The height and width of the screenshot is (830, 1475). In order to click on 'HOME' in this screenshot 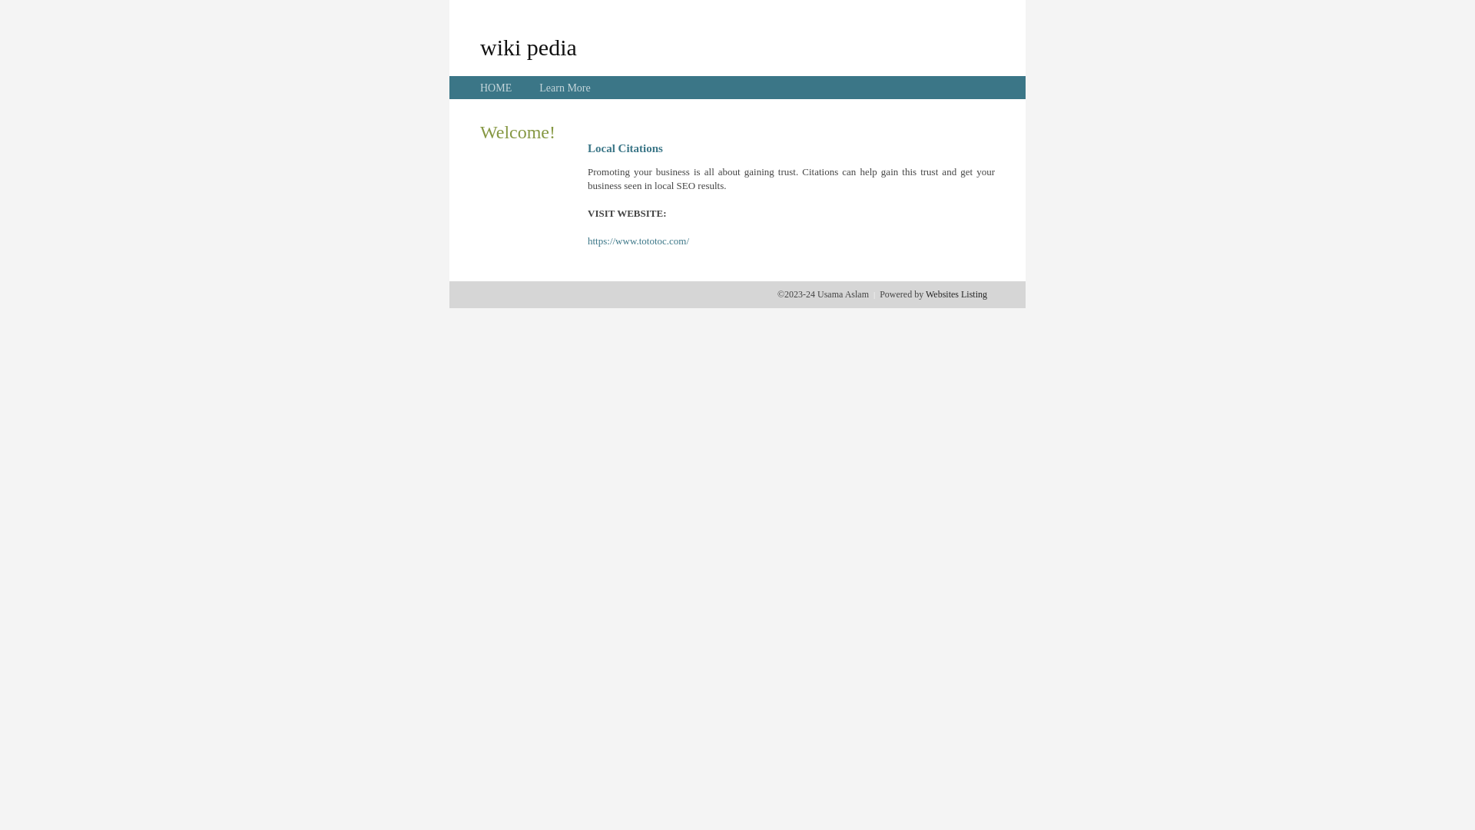, I will do `click(496, 88)`.